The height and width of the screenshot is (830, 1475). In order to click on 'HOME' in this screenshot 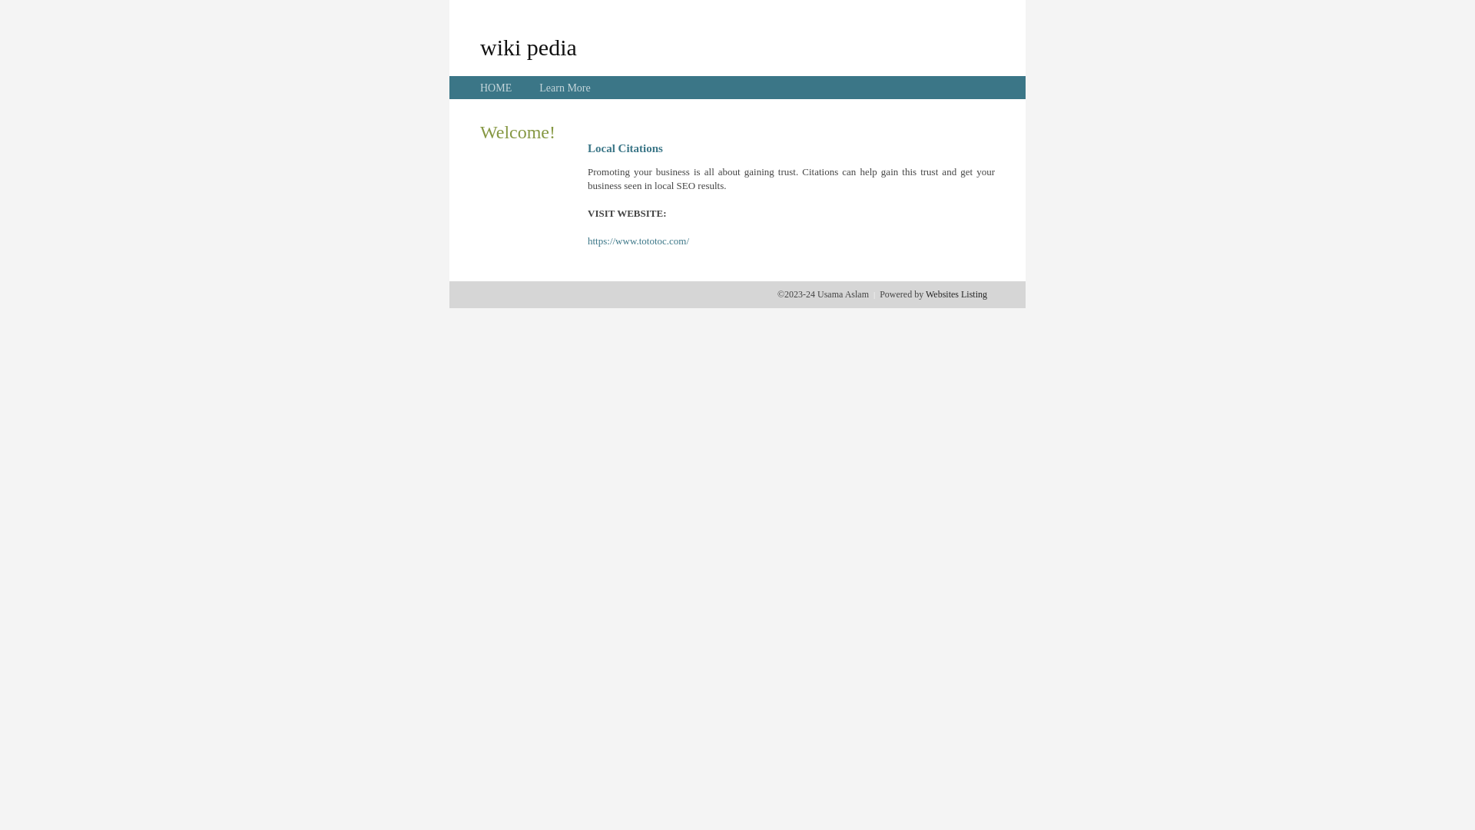, I will do `click(496, 88)`.